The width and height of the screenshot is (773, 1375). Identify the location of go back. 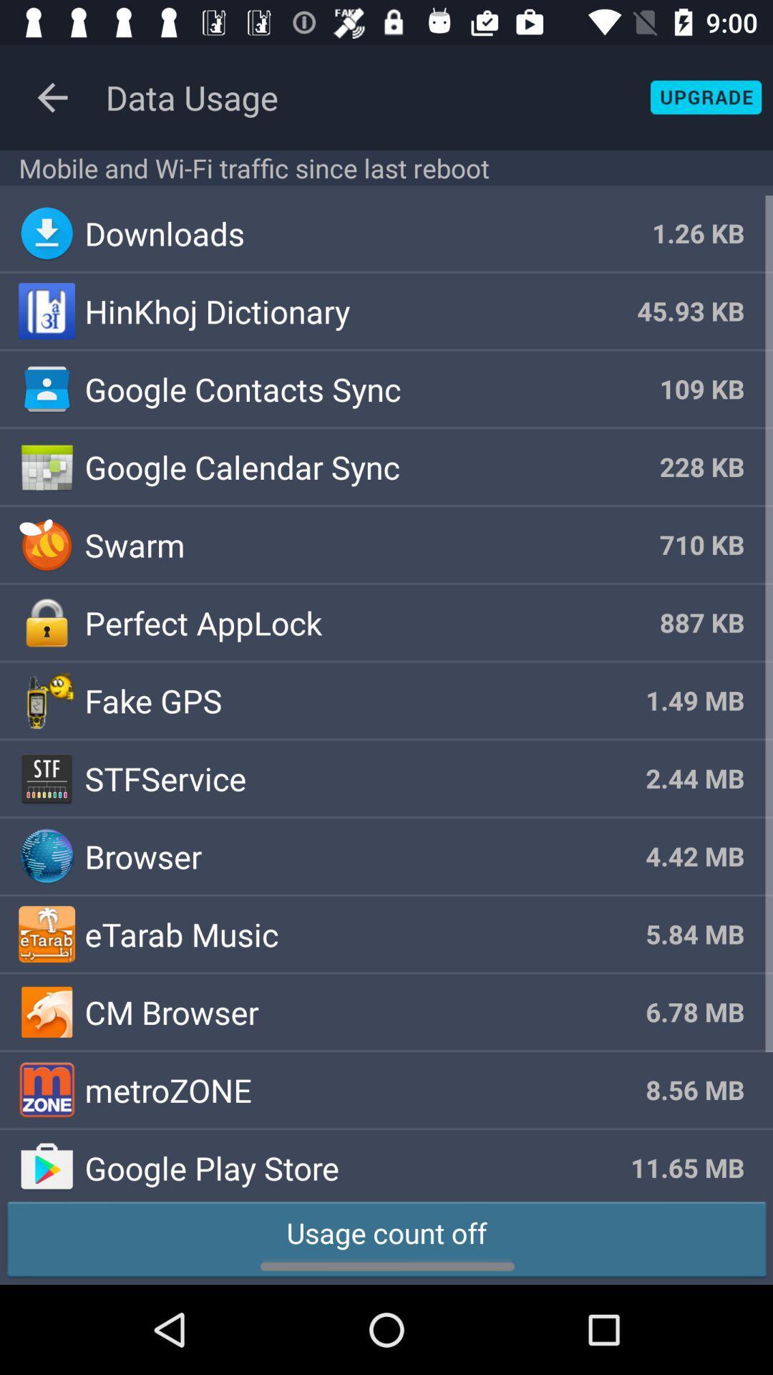
(52, 97).